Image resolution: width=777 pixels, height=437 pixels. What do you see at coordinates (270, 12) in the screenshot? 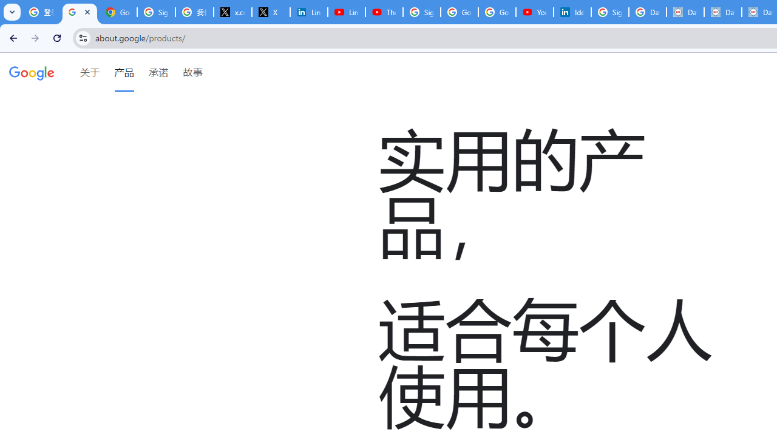
I see `'X'` at bounding box center [270, 12].